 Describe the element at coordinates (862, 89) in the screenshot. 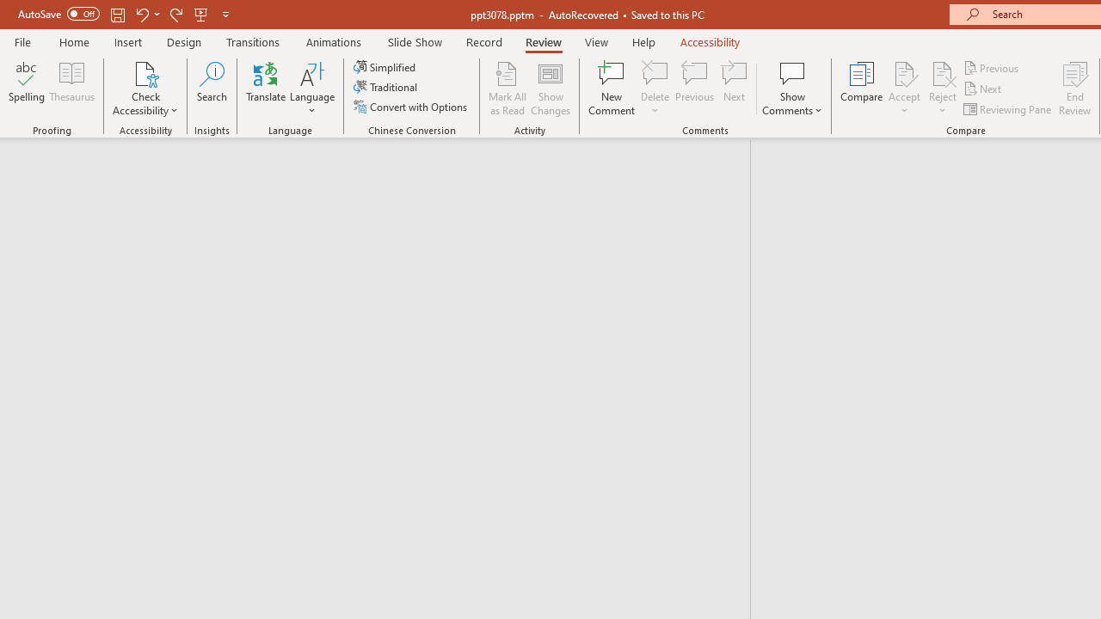

I see `'Compare'` at that location.